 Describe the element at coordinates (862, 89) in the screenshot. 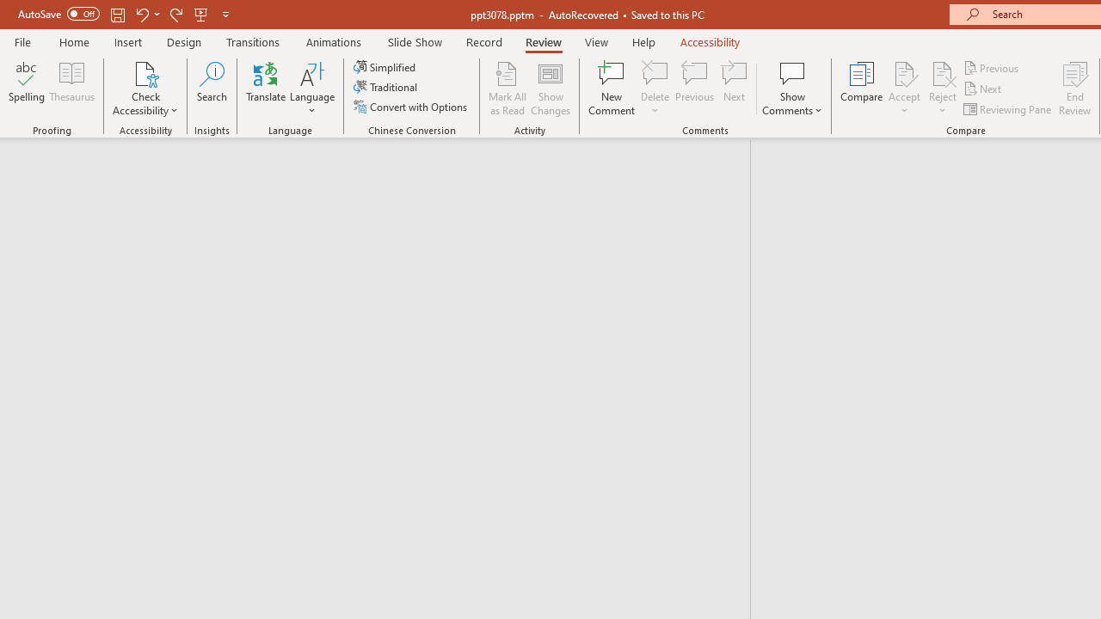

I see `'Compare'` at that location.